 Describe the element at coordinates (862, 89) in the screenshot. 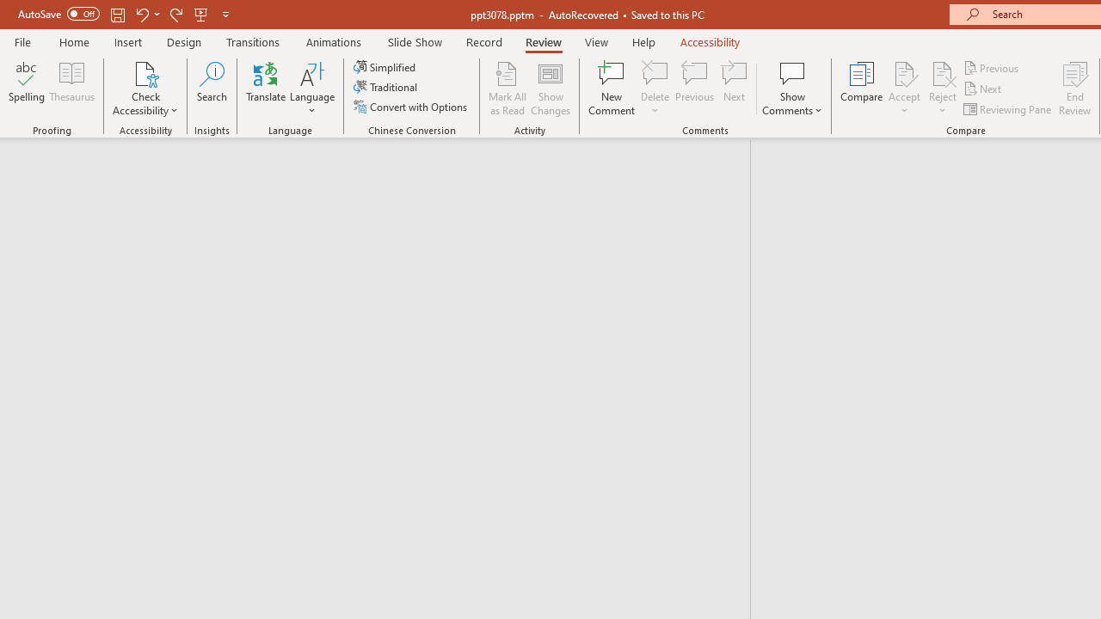

I see `'Compare'` at that location.